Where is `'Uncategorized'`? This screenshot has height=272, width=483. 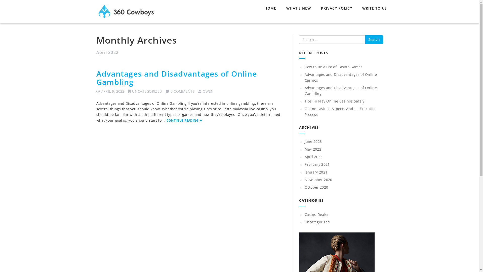
'Uncategorized' is located at coordinates (317, 222).